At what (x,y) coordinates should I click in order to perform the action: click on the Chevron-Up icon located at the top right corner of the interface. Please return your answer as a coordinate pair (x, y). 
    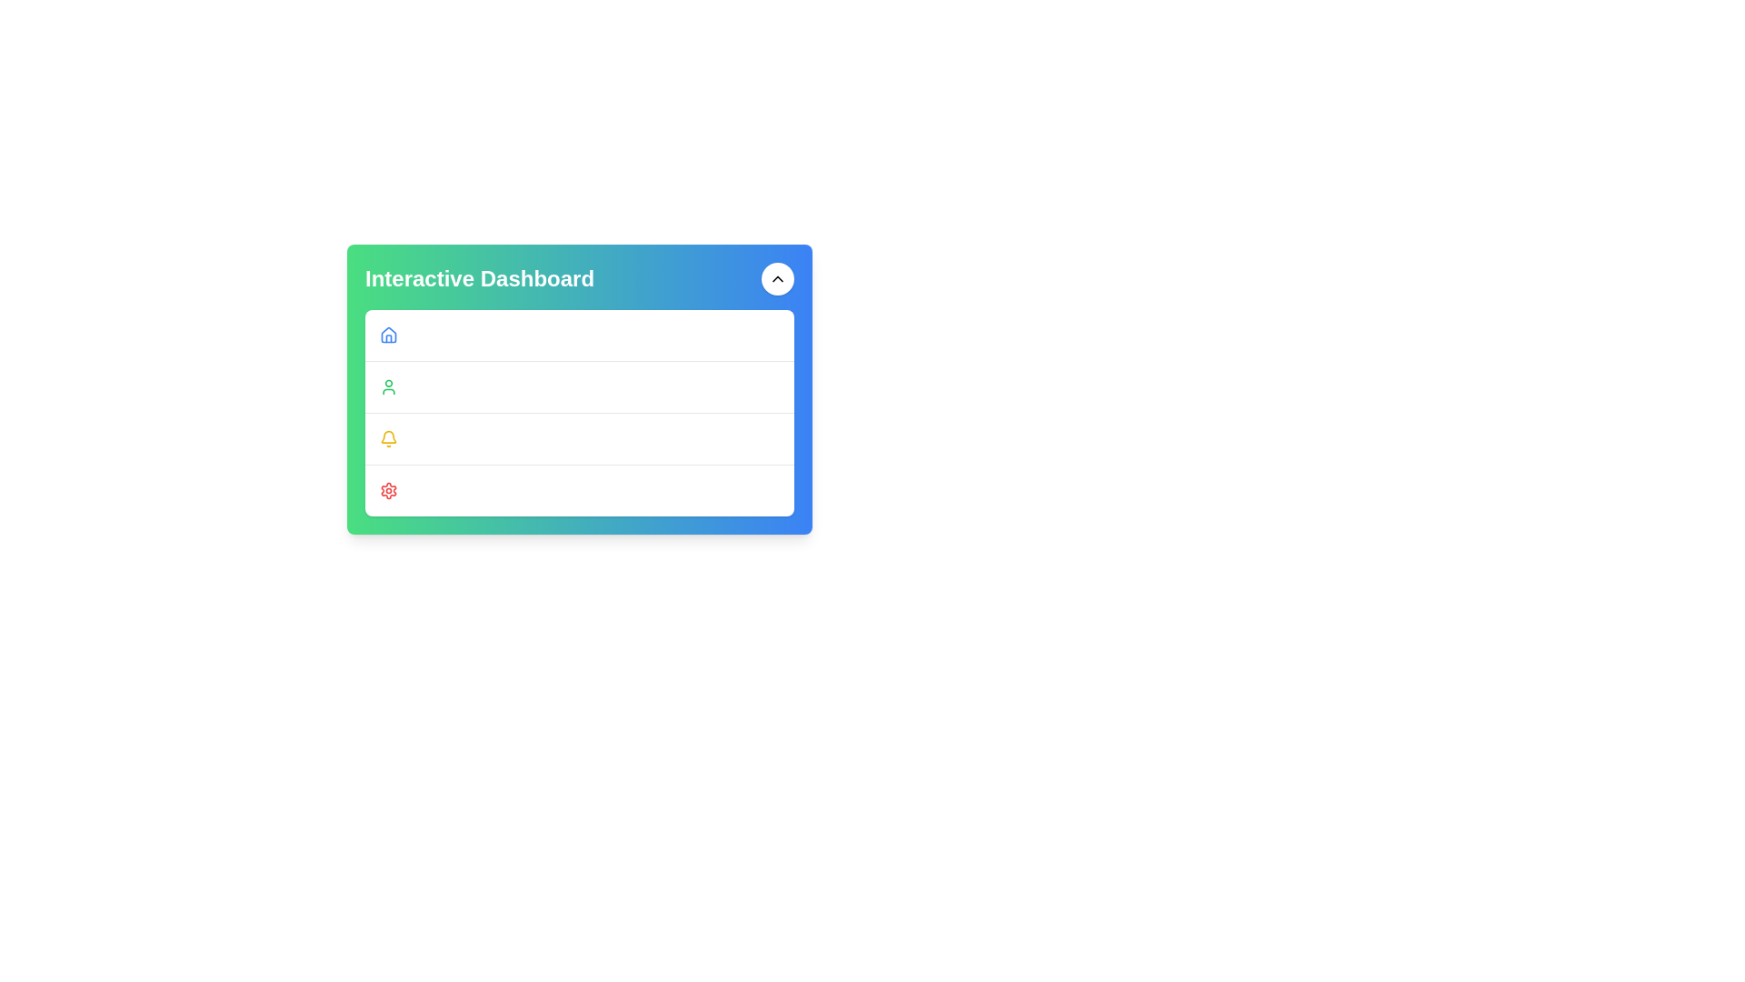
    Looking at the image, I should click on (777, 279).